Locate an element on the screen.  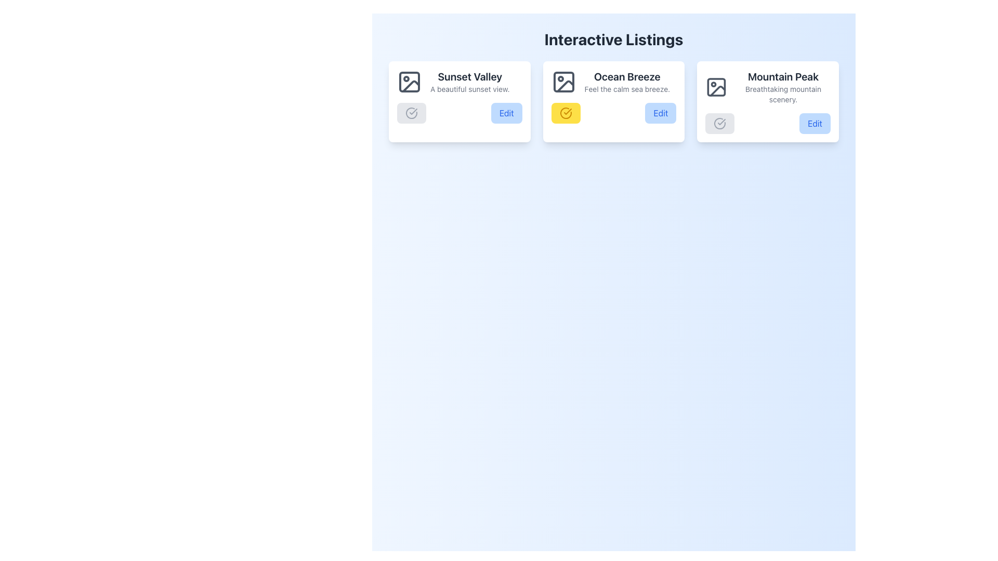
the static text component titled 'Sunset Valley' with a subtitle 'A beautiful sunset view.' located in the leftmost card above the blue 'Edit' button is located at coordinates (469, 82).